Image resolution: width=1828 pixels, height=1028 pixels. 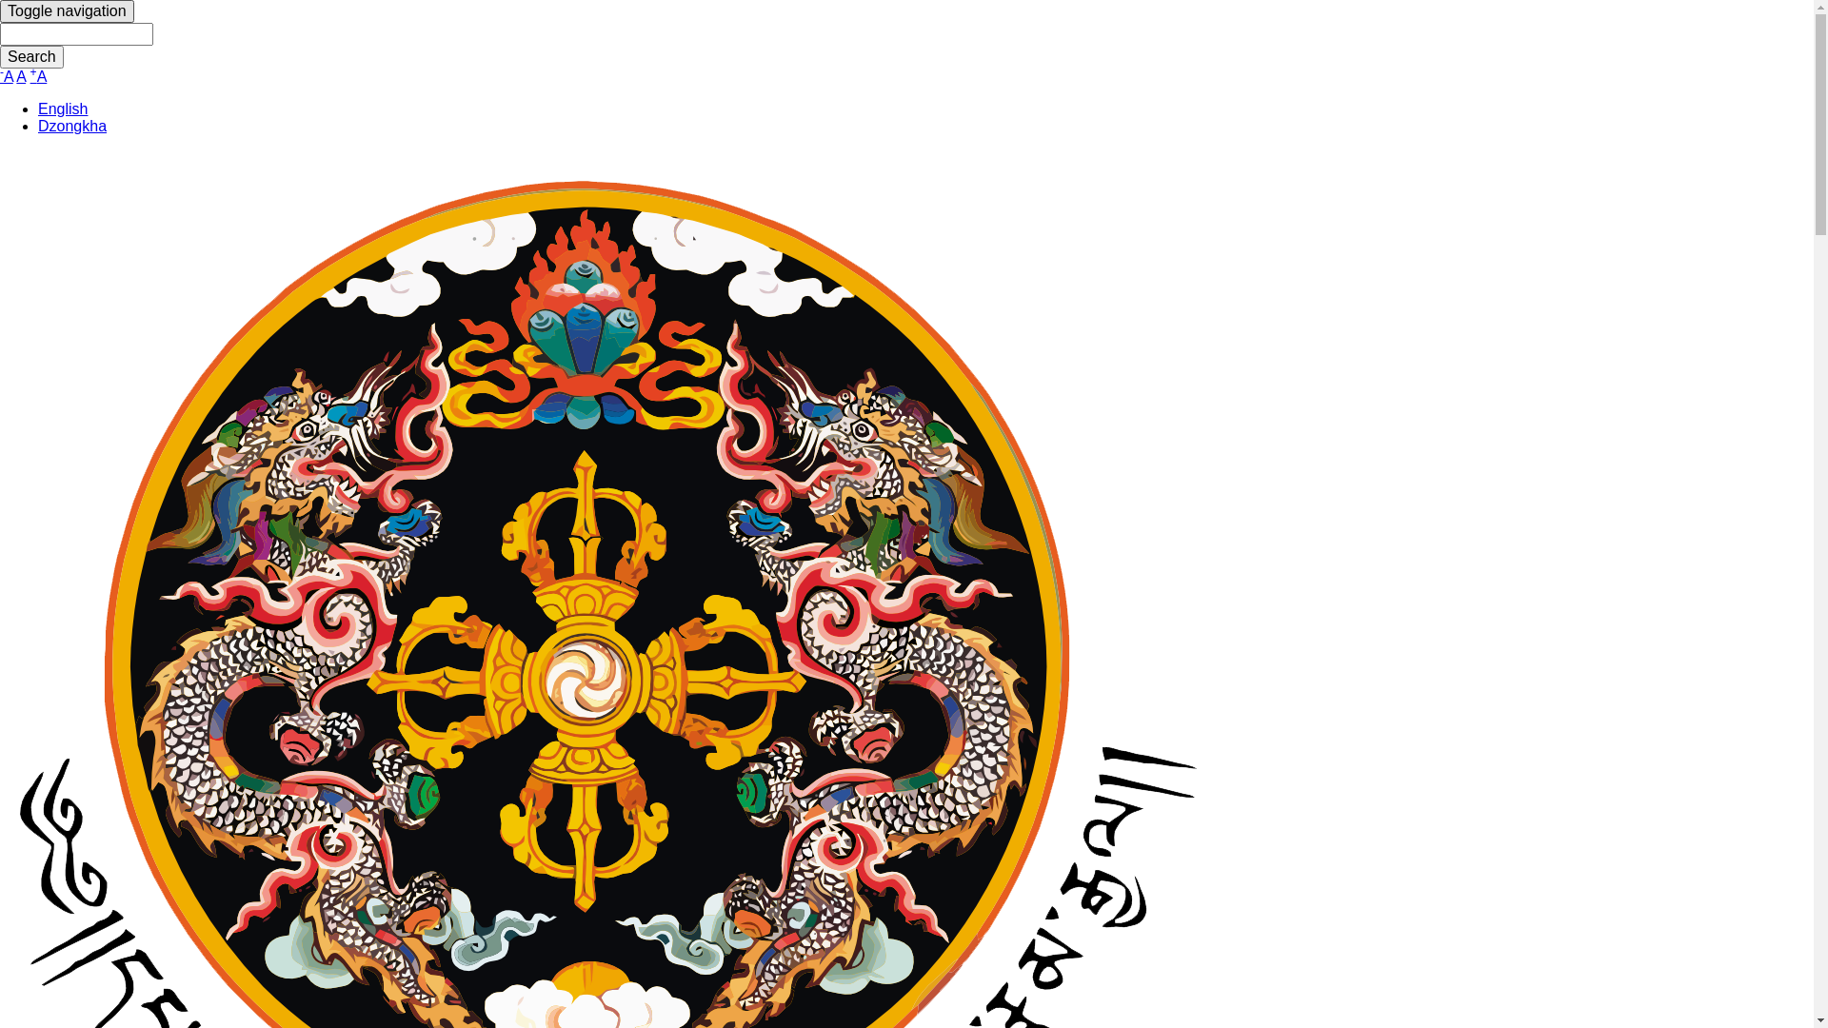 I want to click on 'Dzongkha', so click(x=72, y=126).